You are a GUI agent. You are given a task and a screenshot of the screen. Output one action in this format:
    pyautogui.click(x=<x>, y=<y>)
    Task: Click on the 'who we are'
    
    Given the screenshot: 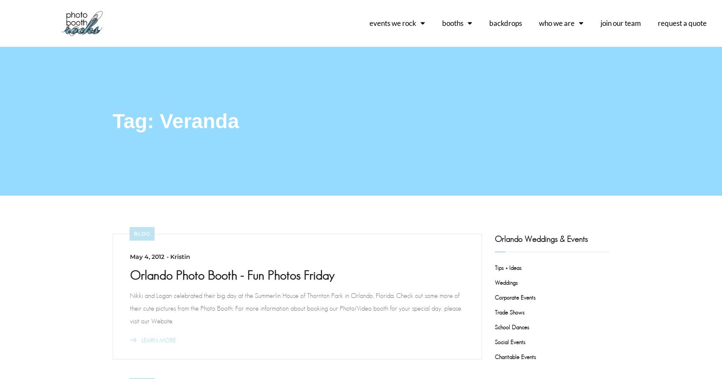 What is the action you would take?
    pyautogui.click(x=557, y=22)
    